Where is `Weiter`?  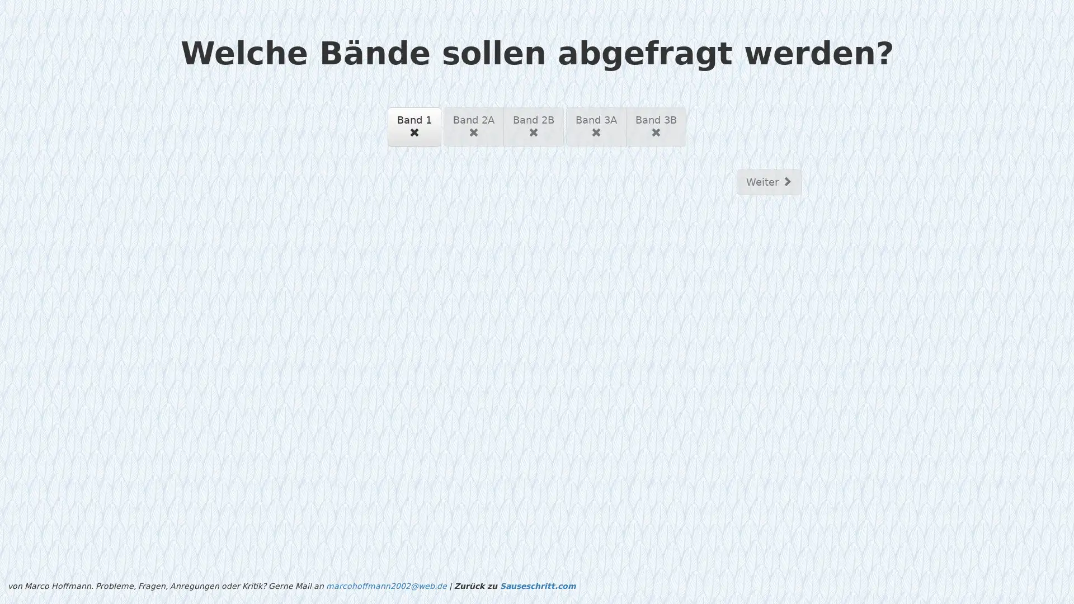 Weiter is located at coordinates (767, 182).